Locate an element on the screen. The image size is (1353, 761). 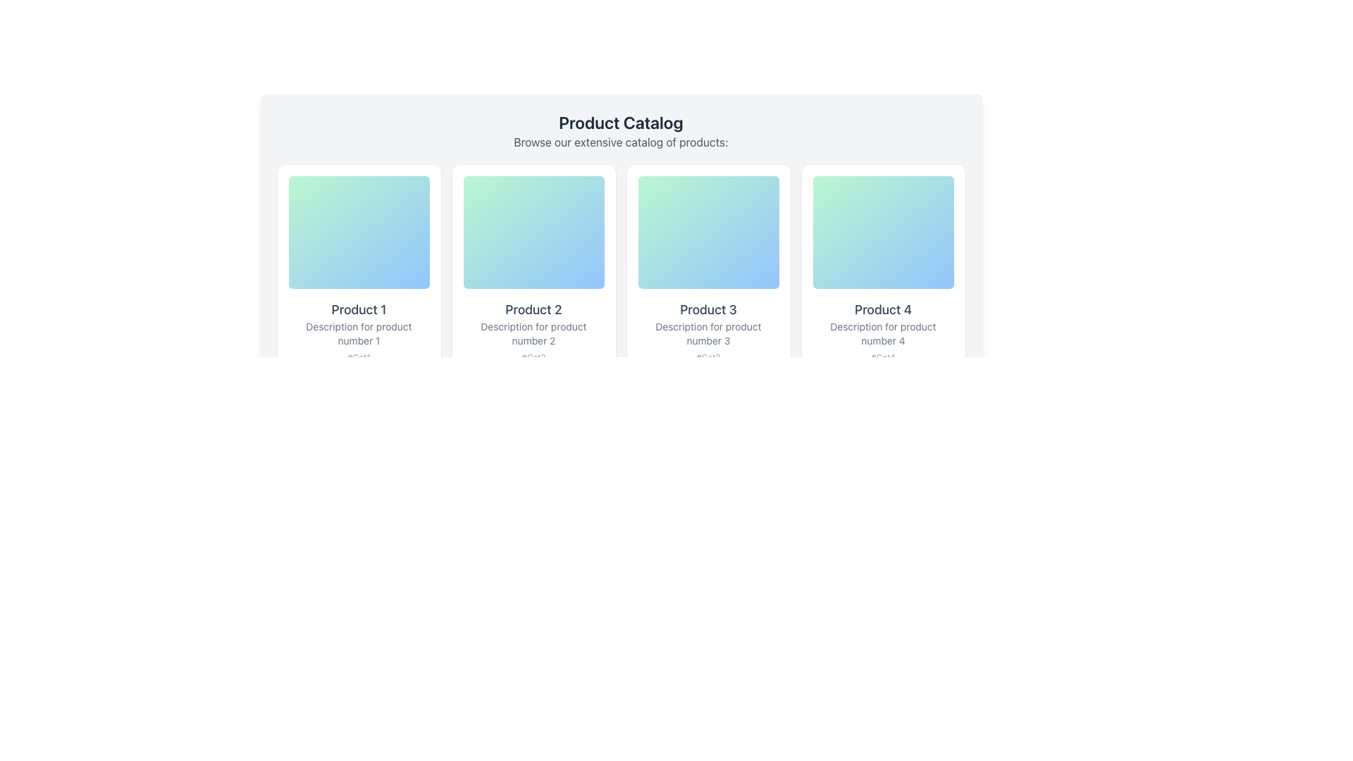
the Informational Card that visually represents a product in the catalog, located in the fourth position of the first row is located at coordinates (882, 271).